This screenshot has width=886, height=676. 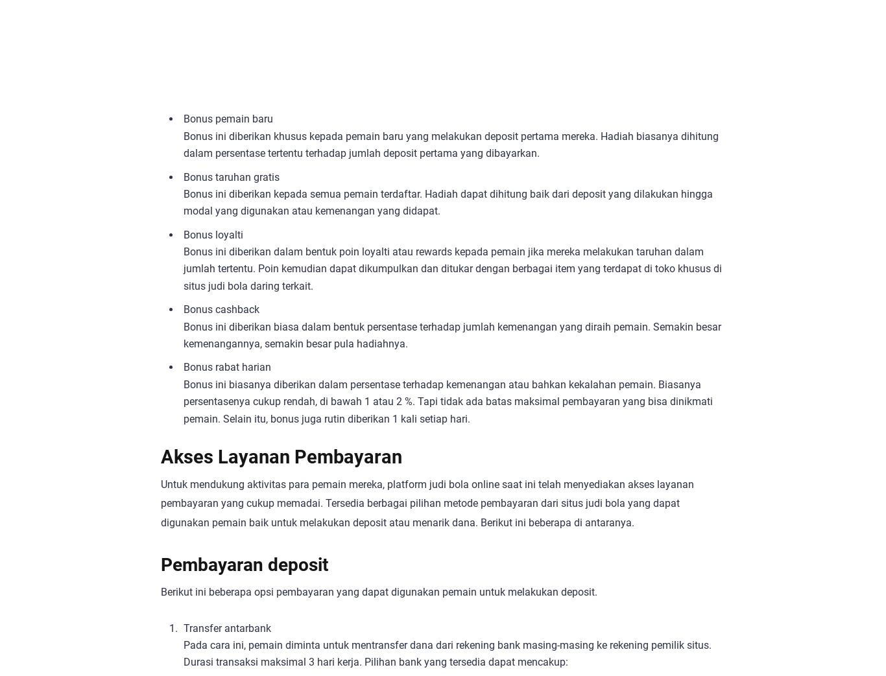 What do you see at coordinates (378, 590) in the screenshot?
I see `'Berikut ini beberapa opsi pembayaran yang dapat digunakan pemain untuk melakukan deposit.'` at bounding box center [378, 590].